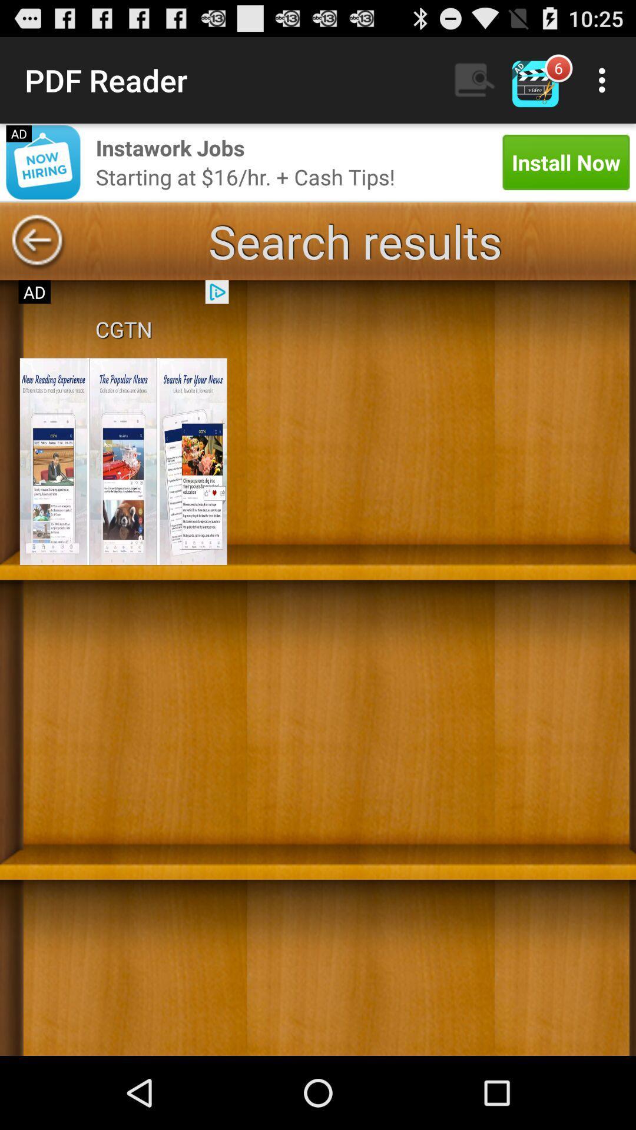  What do you see at coordinates (36, 241) in the screenshot?
I see `go back` at bounding box center [36, 241].